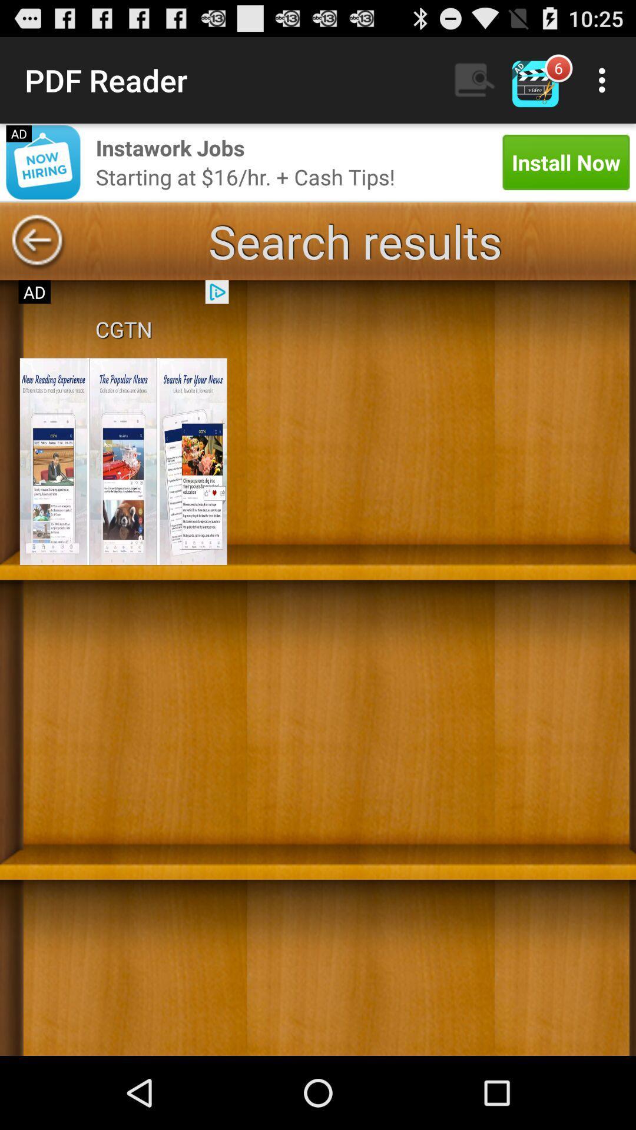  What do you see at coordinates (36, 241) in the screenshot?
I see `go back` at bounding box center [36, 241].